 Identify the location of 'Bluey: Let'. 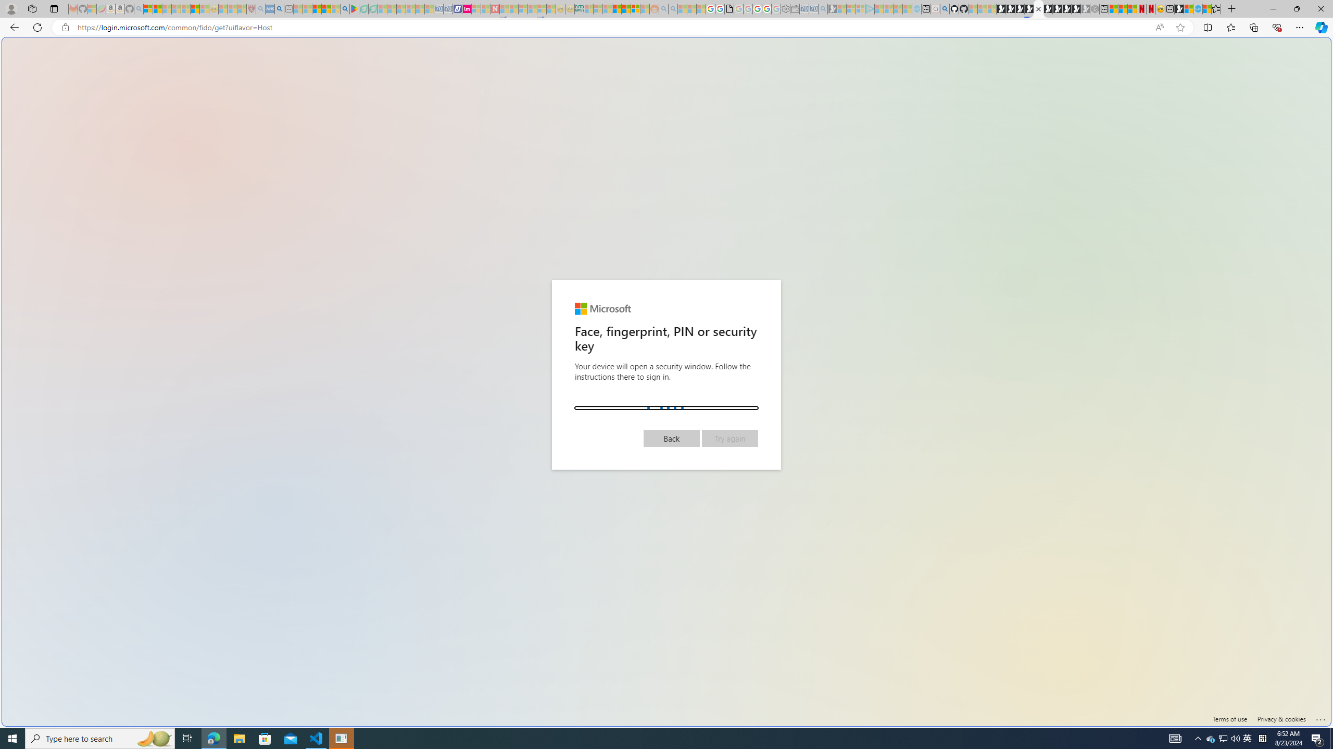
(354, 8).